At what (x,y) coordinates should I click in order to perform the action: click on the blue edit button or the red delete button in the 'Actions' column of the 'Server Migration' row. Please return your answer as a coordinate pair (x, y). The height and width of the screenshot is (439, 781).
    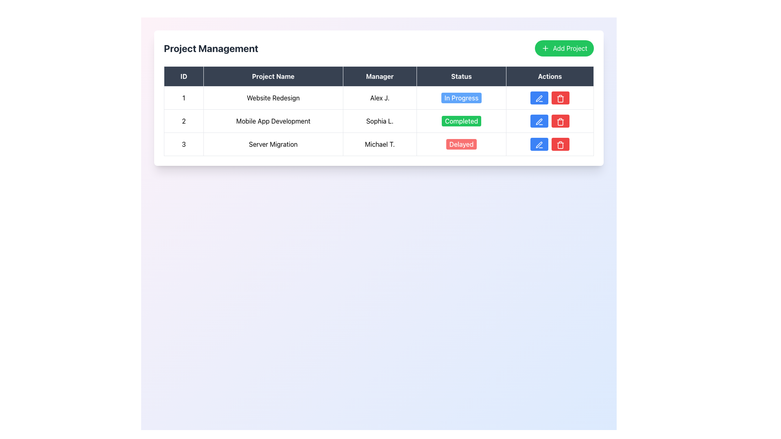
    Looking at the image, I should click on (550, 143).